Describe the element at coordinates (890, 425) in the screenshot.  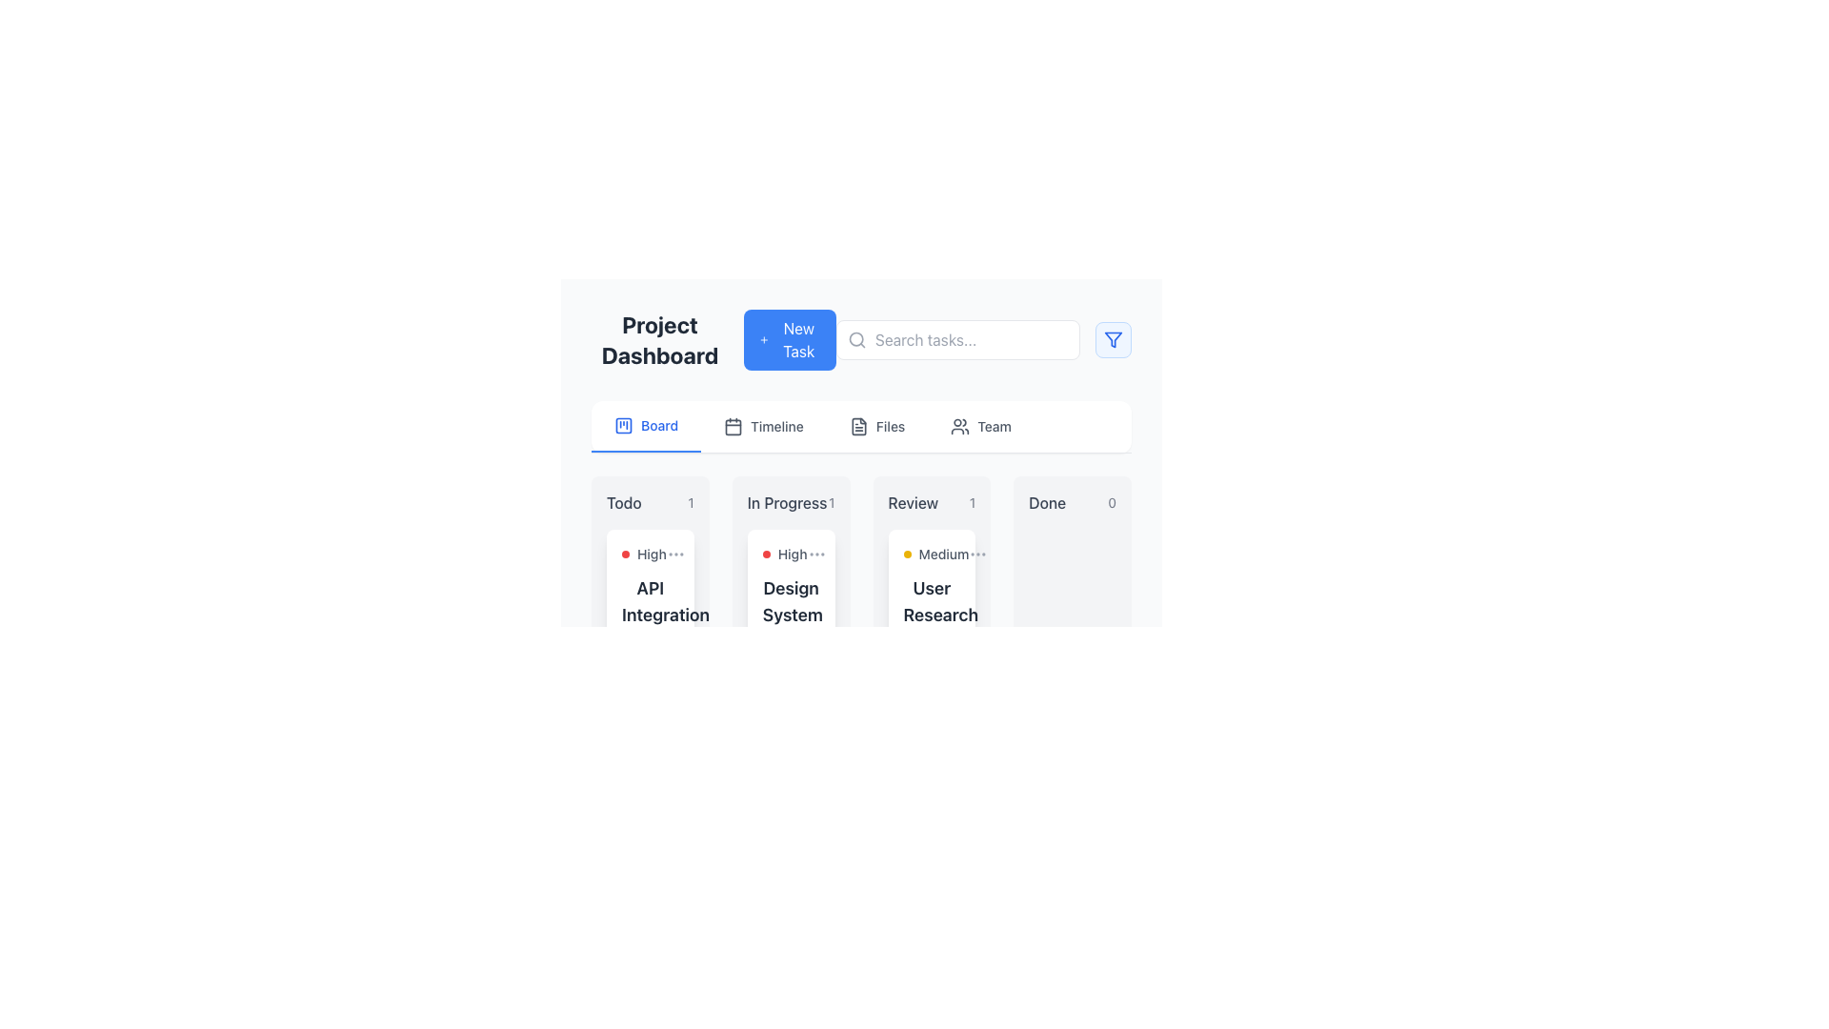
I see `the text label in the horizontal navigation menu that is positioned to the right of the 'Timeline' button and to the left of the 'Team' button` at that location.